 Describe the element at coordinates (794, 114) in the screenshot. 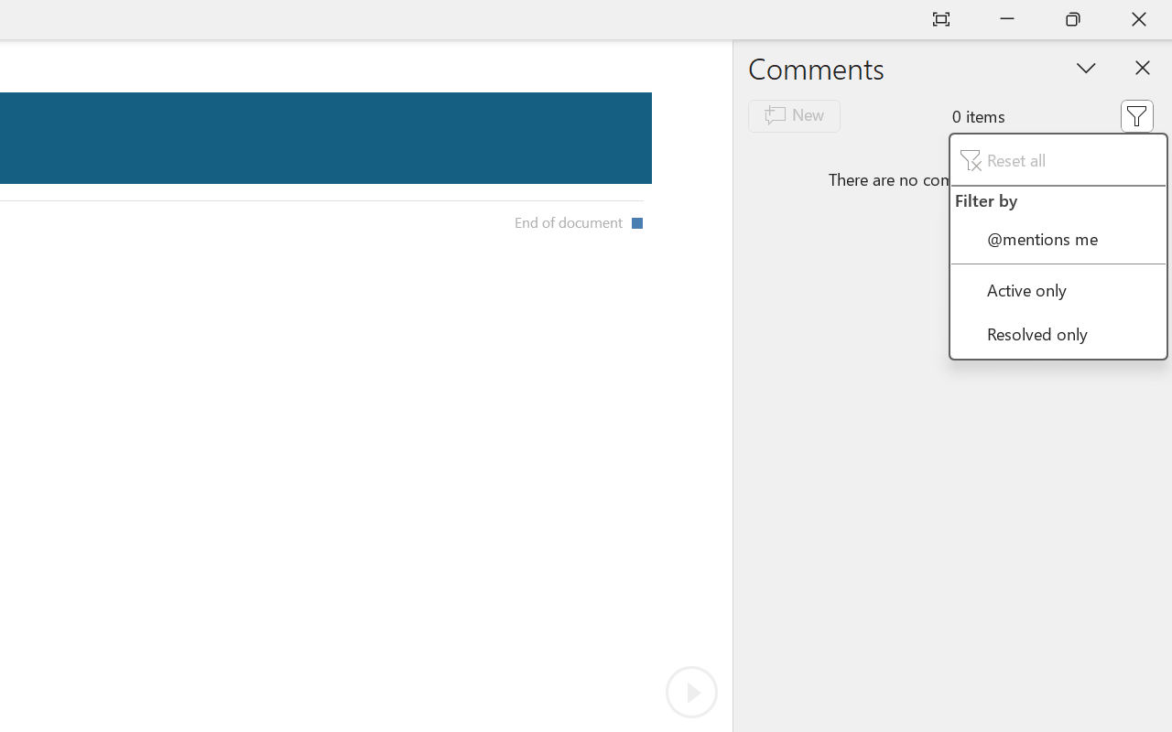

I see `'New comment'` at that location.